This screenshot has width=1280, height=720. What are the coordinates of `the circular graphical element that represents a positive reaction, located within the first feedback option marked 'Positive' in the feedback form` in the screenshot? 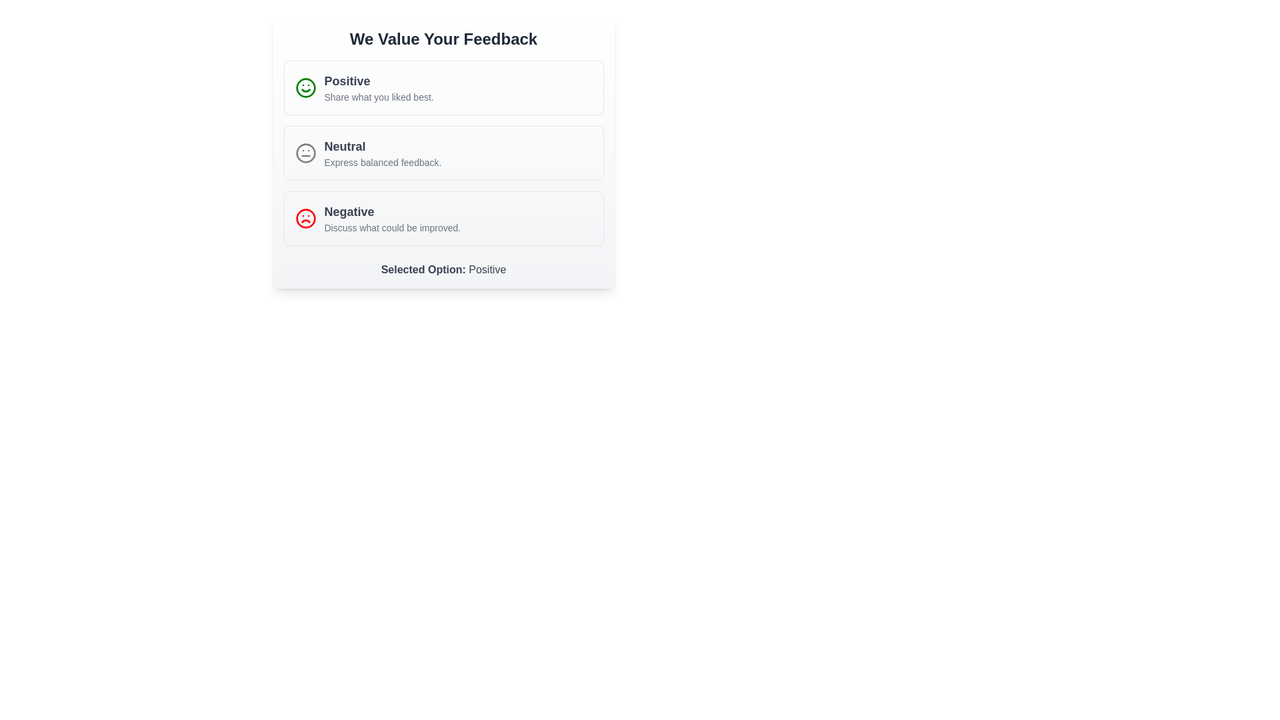 It's located at (305, 87).